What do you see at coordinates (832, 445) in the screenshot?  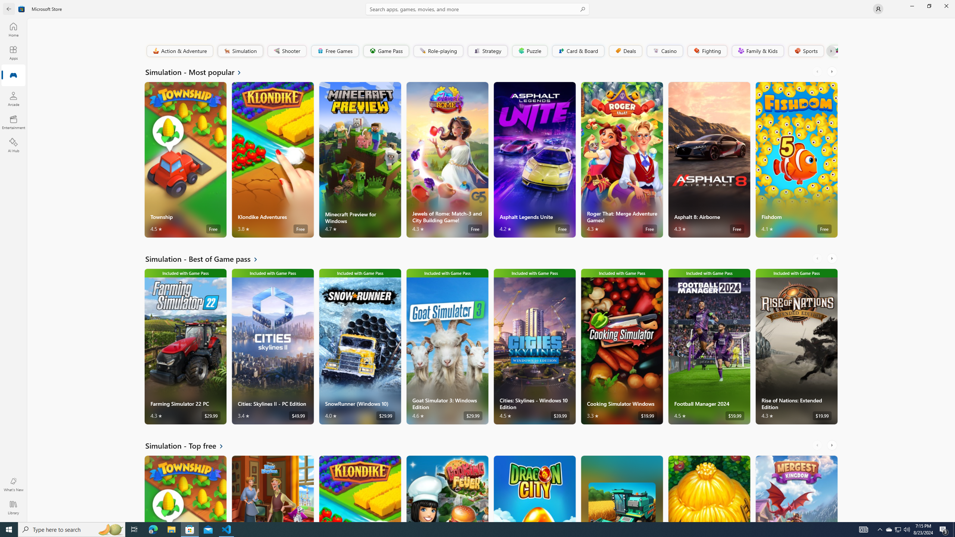 I see `'AutomationID: RightScrollButton'` at bounding box center [832, 445].